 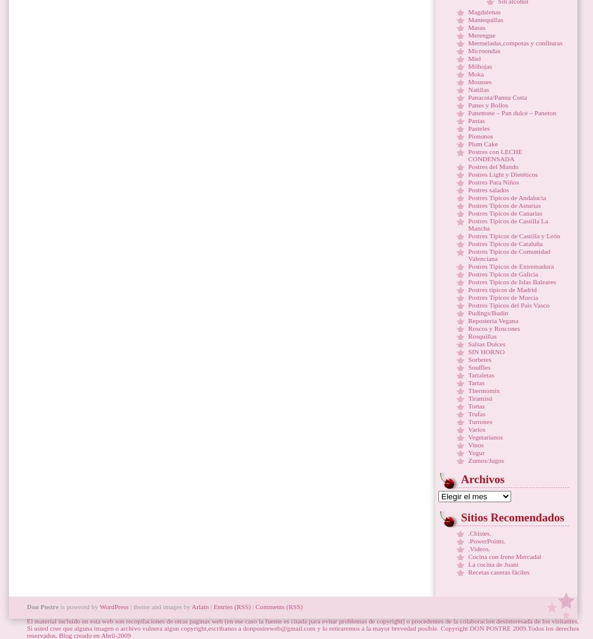 What do you see at coordinates (475, 405) in the screenshot?
I see `'Tortas'` at bounding box center [475, 405].